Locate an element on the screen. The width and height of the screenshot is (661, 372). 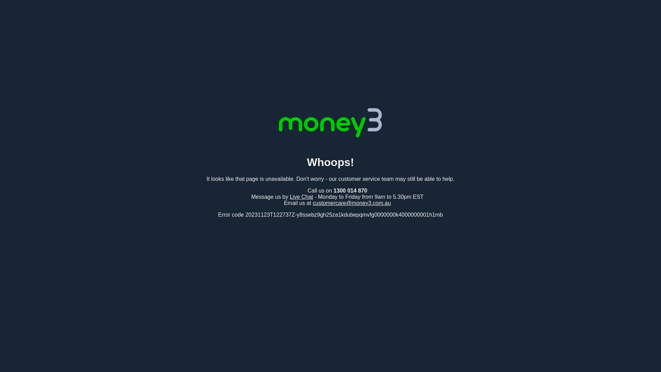
'customercare@money3.com.au' is located at coordinates (352, 203).